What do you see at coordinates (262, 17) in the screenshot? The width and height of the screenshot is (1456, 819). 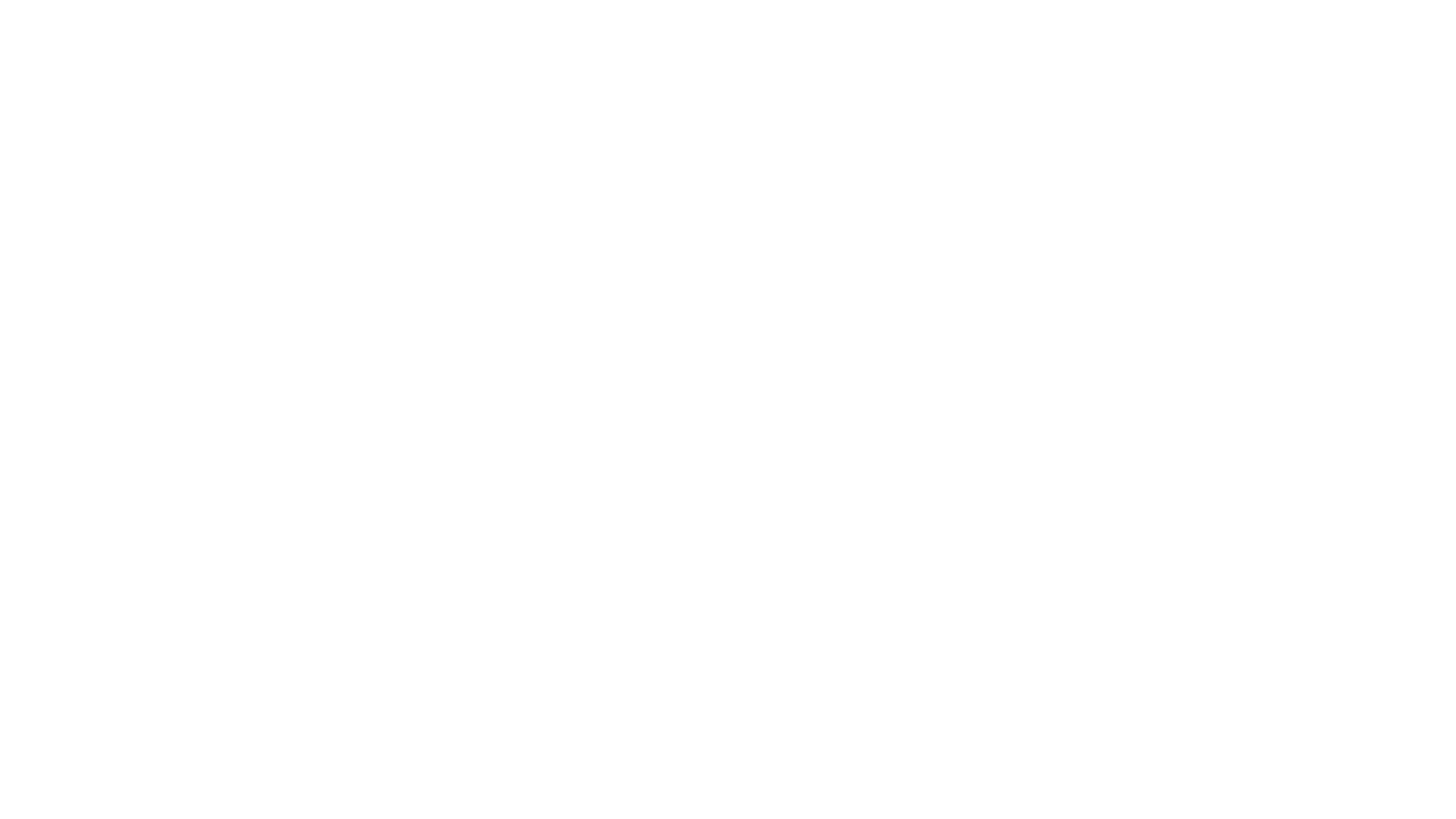 I see `<div>RIOTS RAISES A $3M SEED ROUND WITH TOP-TIER EUROPEAN VC AND BUSINESS ANGELS TO BECOME A LEADER IN FRONT-END SOFTWARE DEVELOPMENT` at bounding box center [262, 17].